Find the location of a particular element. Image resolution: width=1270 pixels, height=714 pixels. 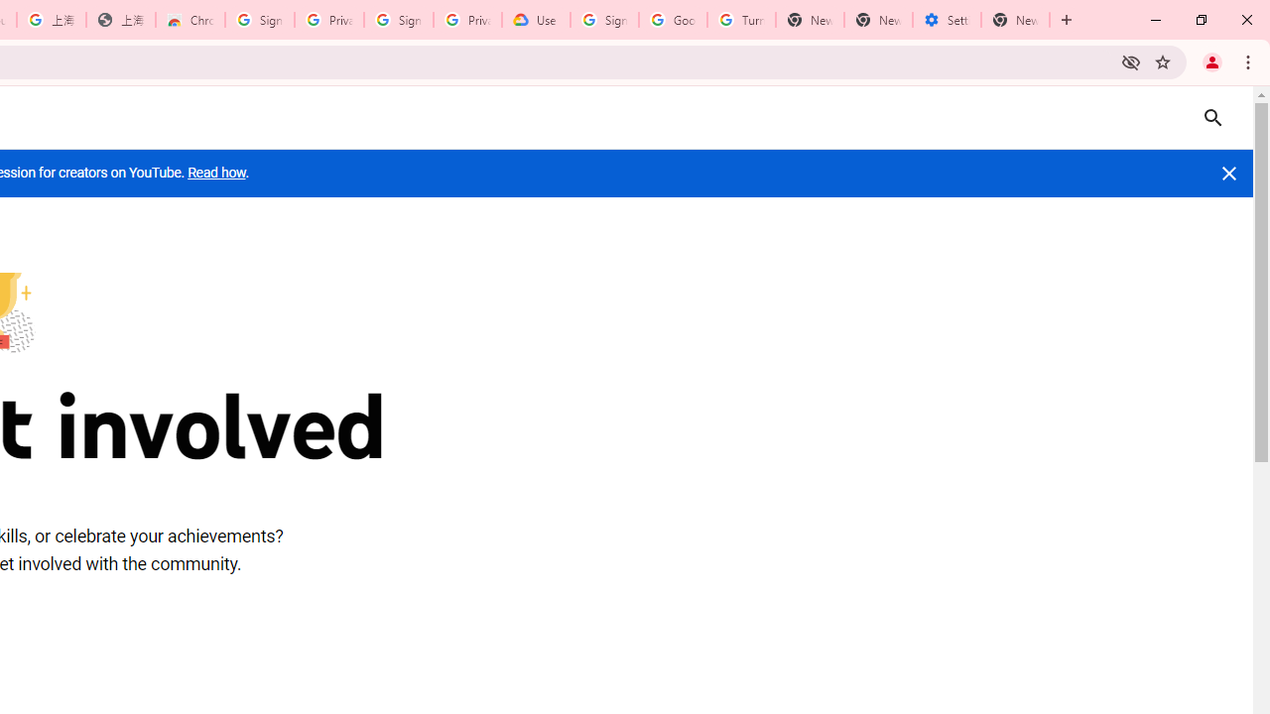

'Read how' is located at coordinates (216, 172).